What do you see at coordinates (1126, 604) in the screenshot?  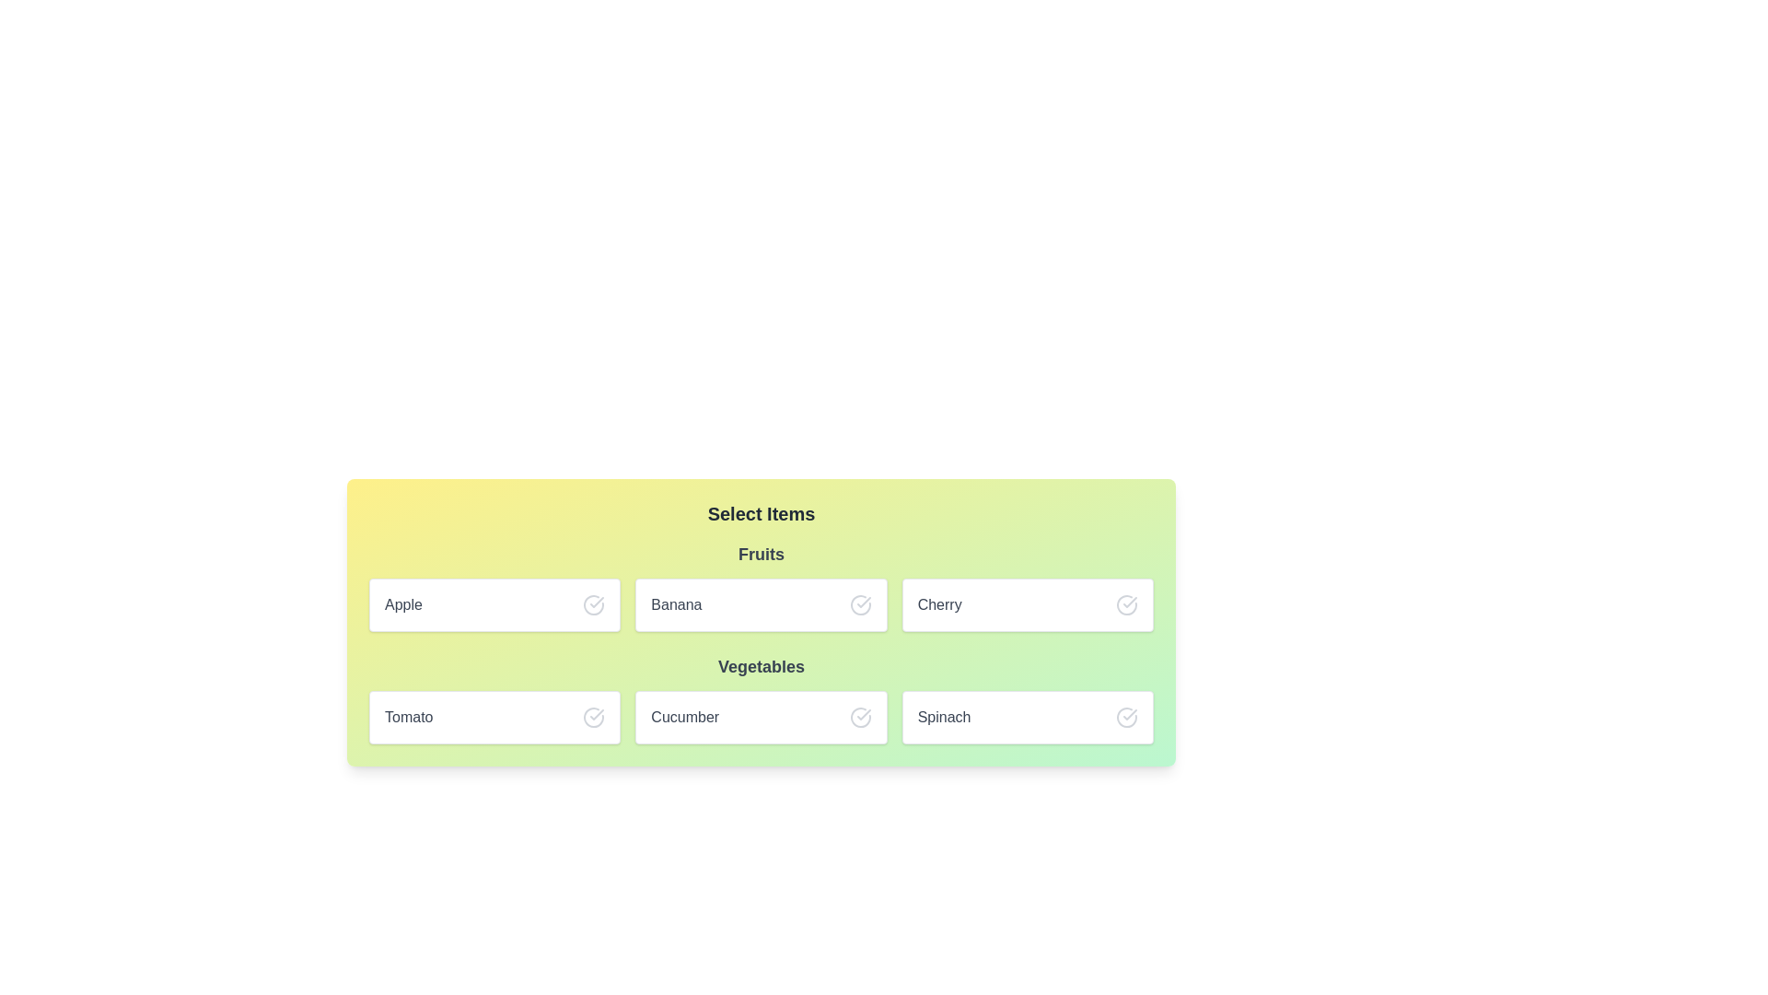 I see `the graphical checkmark icon encased within a circle, which is located to the right of the text 'Cherry' in the 'Fruits' section` at bounding box center [1126, 604].